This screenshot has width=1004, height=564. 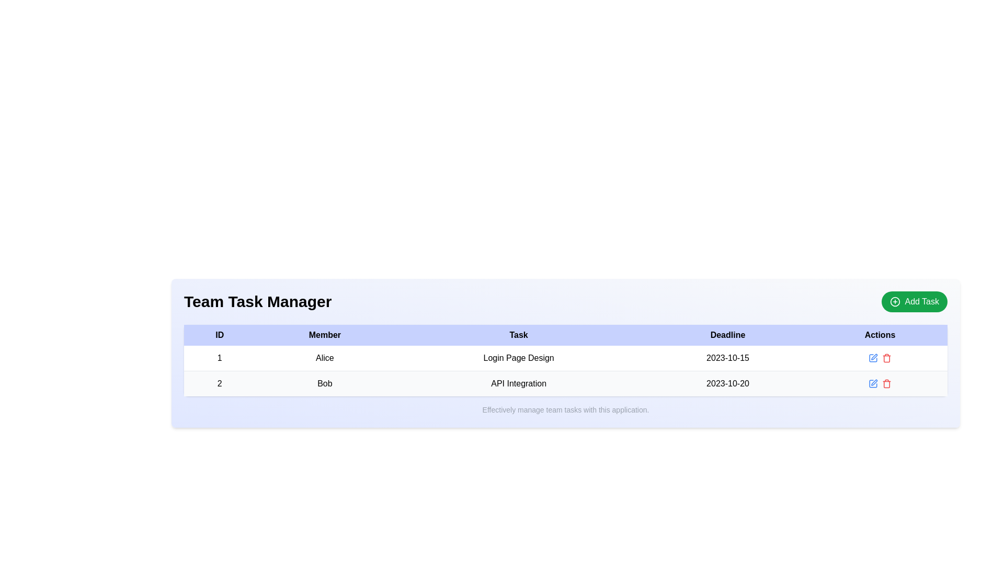 I want to click on the circular '+' icon with a green border located within the 'Add Task' button at the top-right corner for accessibility actions, so click(x=895, y=302).